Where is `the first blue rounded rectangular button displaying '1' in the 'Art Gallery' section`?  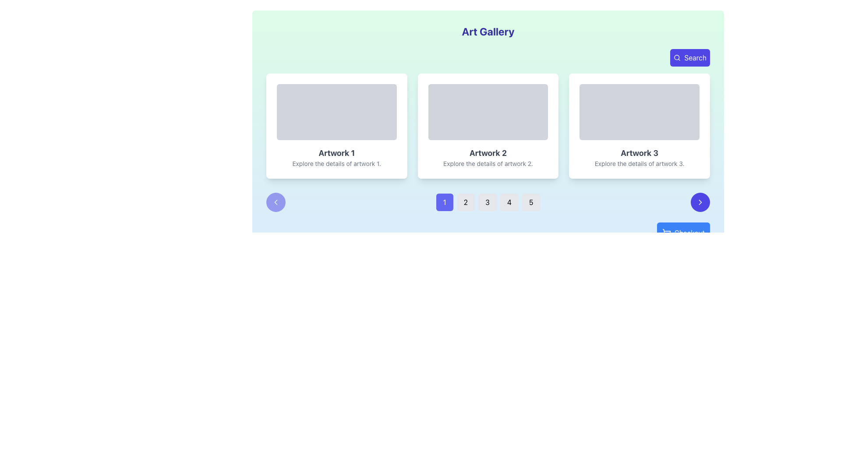
the first blue rounded rectangular button displaying '1' in the 'Art Gallery' section is located at coordinates (445, 202).